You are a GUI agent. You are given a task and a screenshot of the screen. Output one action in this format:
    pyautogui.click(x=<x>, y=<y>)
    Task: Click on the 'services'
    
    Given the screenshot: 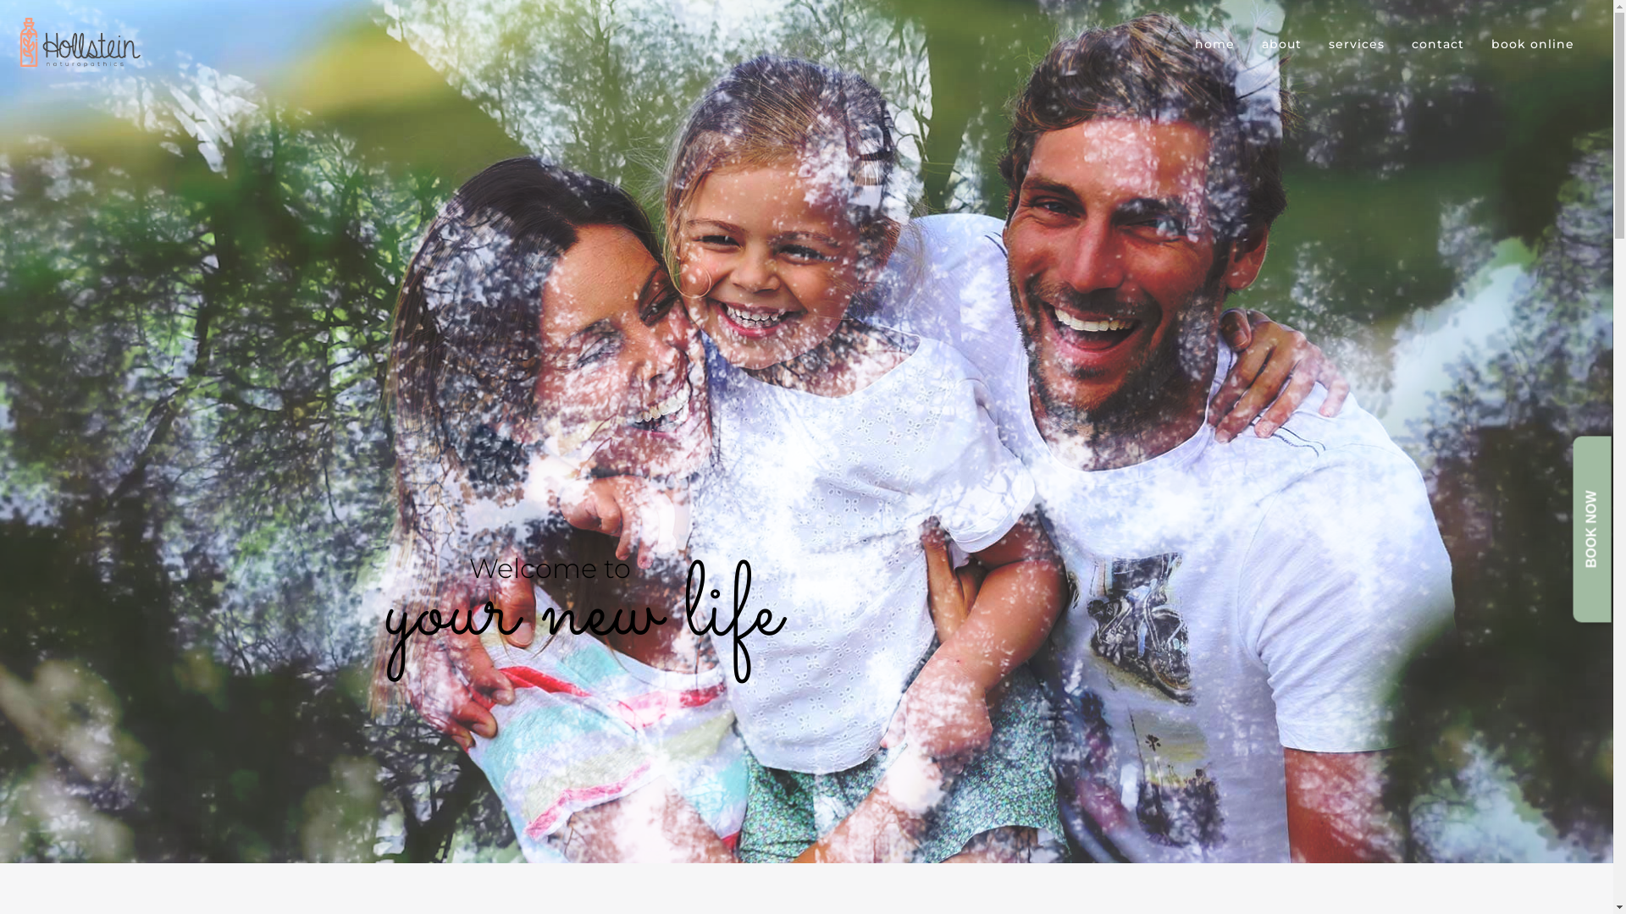 What is the action you would take?
    pyautogui.click(x=1314, y=41)
    